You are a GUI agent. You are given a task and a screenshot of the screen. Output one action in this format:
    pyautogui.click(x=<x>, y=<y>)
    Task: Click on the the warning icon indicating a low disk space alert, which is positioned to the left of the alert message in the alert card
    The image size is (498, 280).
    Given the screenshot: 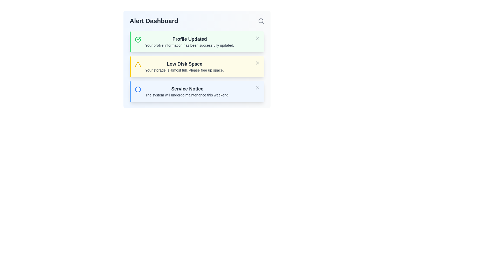 What is the action you would take?
    pyautogui.click(x=138, y=64)
    